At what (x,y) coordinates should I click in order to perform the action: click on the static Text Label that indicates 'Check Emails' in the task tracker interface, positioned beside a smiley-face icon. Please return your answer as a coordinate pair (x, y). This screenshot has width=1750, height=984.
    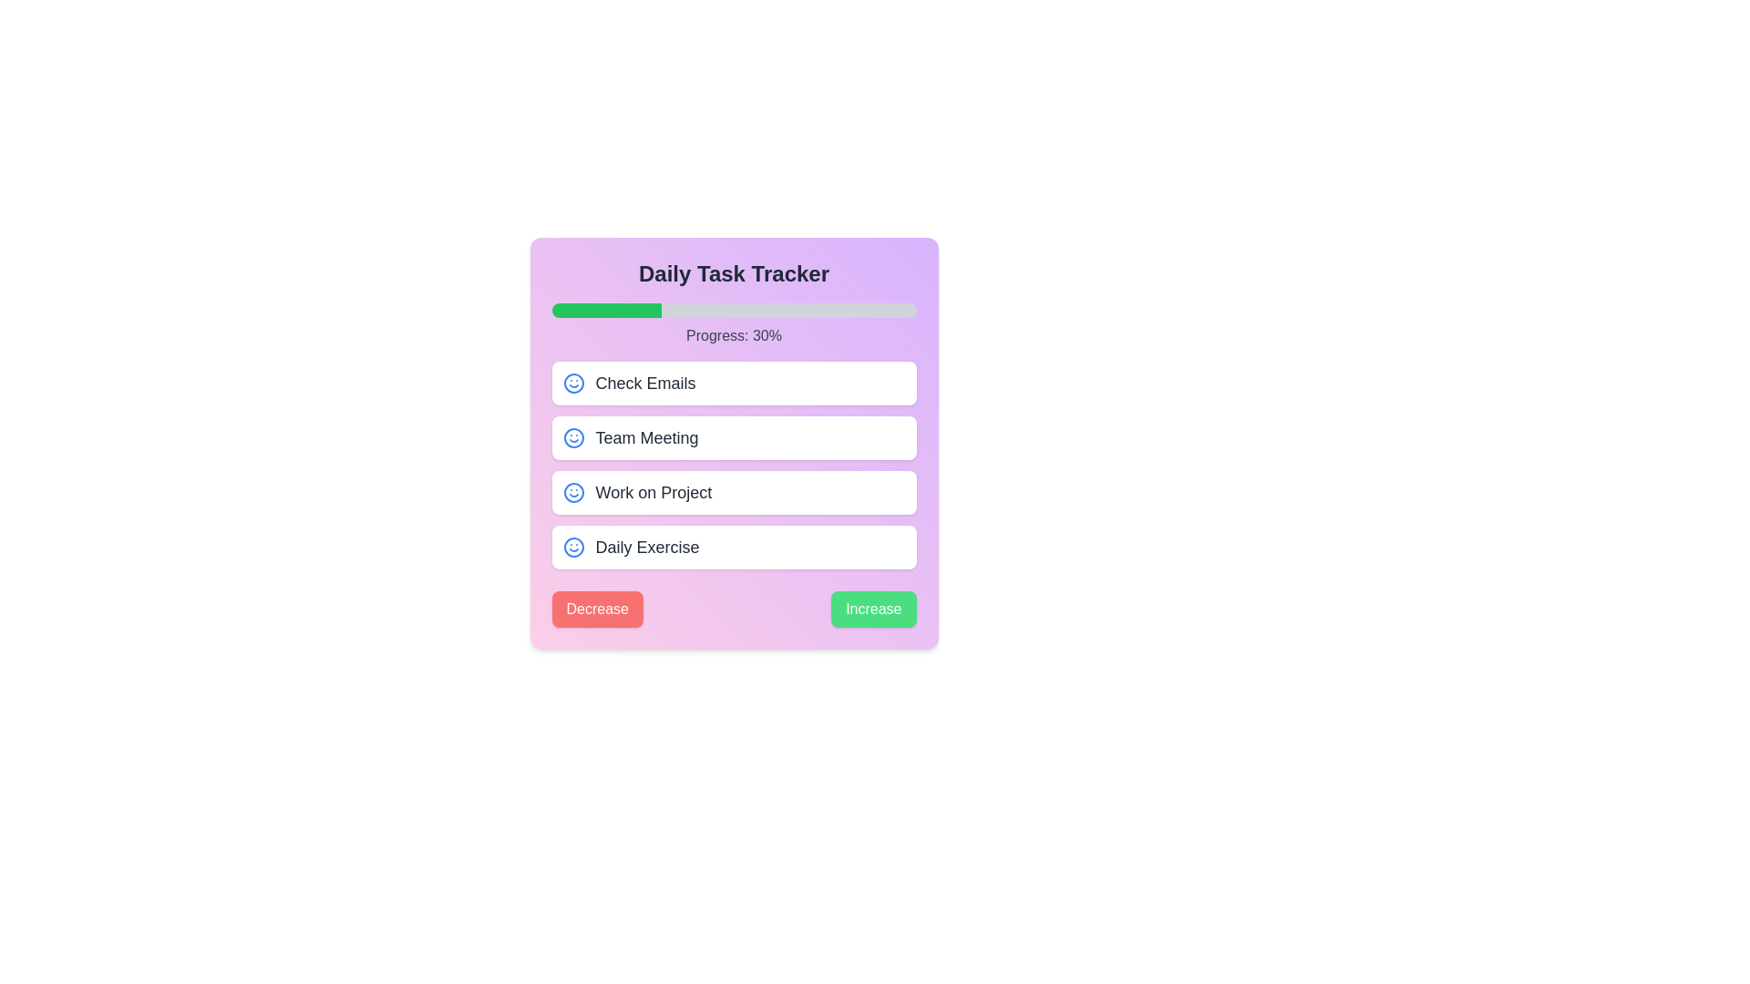
    Looking at the image, I should click on (645, 382).